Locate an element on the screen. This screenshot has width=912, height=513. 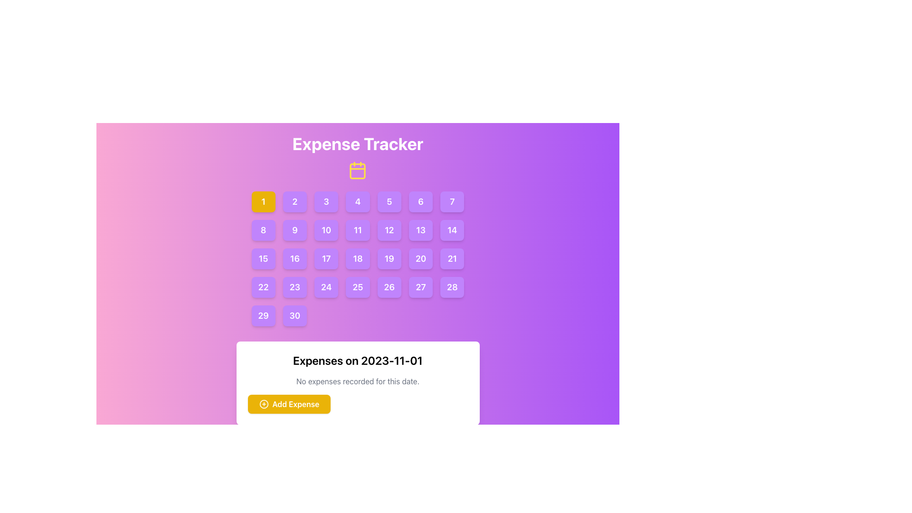
the circular part of the 'Add Expense' button's SVG icon, which is located below the main calendar component is located at coordinates (264, 404).